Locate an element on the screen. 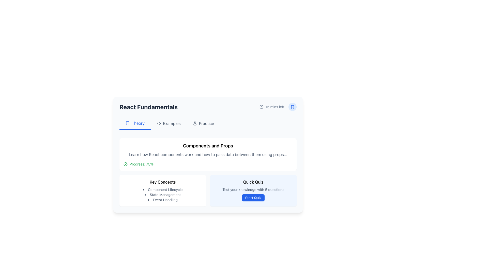 This screenshot has height=275, width=488. the progress text label that indicates the user's course completion percentage, which is positioned to the right of a green circular check icon is located at coordinates (141, 164).